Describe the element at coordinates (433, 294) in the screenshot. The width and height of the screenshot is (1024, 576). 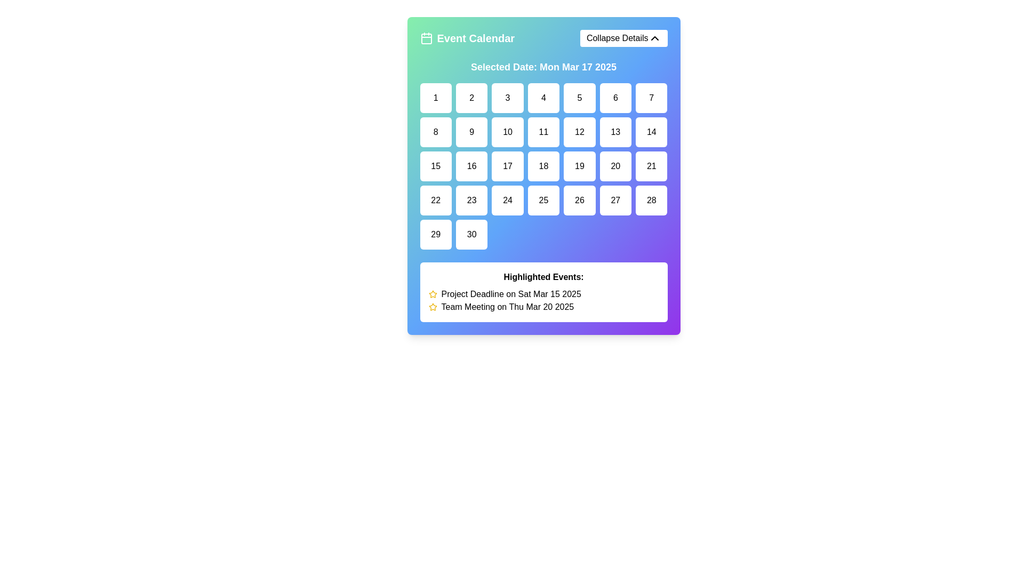
I see `the icon that visually identifies the event labeled 'Project Deadline on Sat Mar 15 2025' located in the highlighted events section` at that location.